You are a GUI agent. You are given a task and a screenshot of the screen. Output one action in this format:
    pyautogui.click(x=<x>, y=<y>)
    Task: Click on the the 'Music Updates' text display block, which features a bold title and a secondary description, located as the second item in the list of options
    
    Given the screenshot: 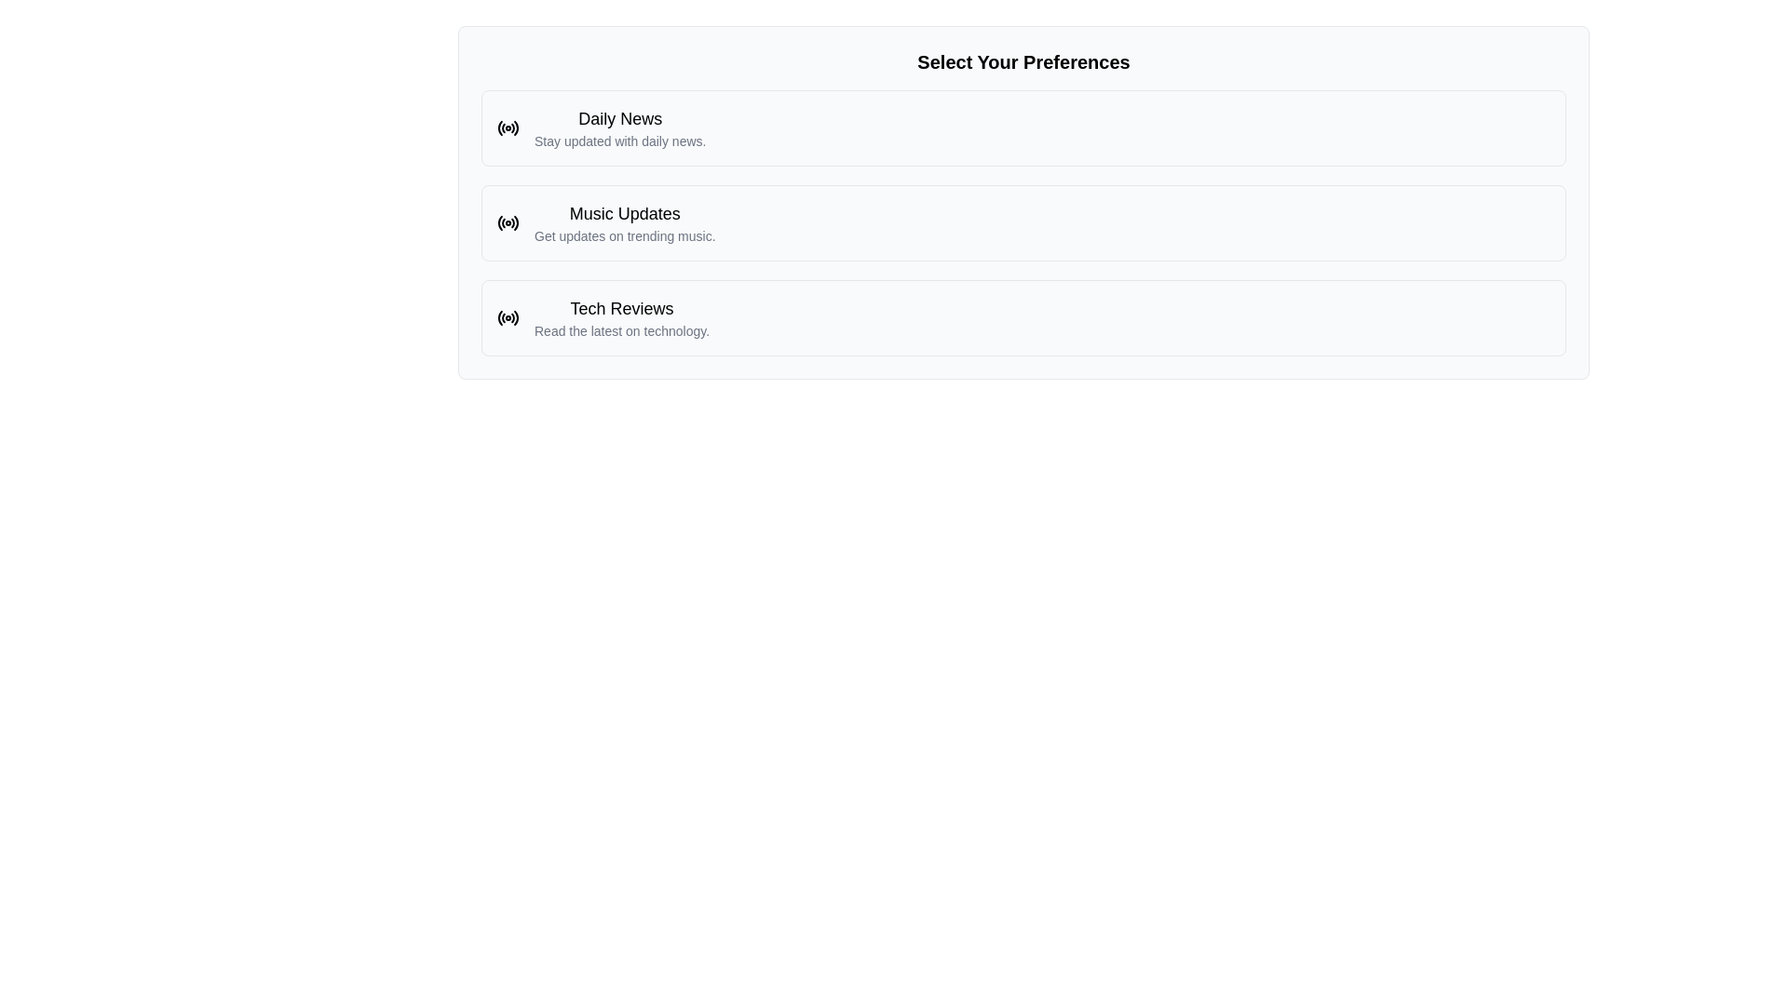 What is the action you would take?
    pyautogui.click(x=625, y=221)
    